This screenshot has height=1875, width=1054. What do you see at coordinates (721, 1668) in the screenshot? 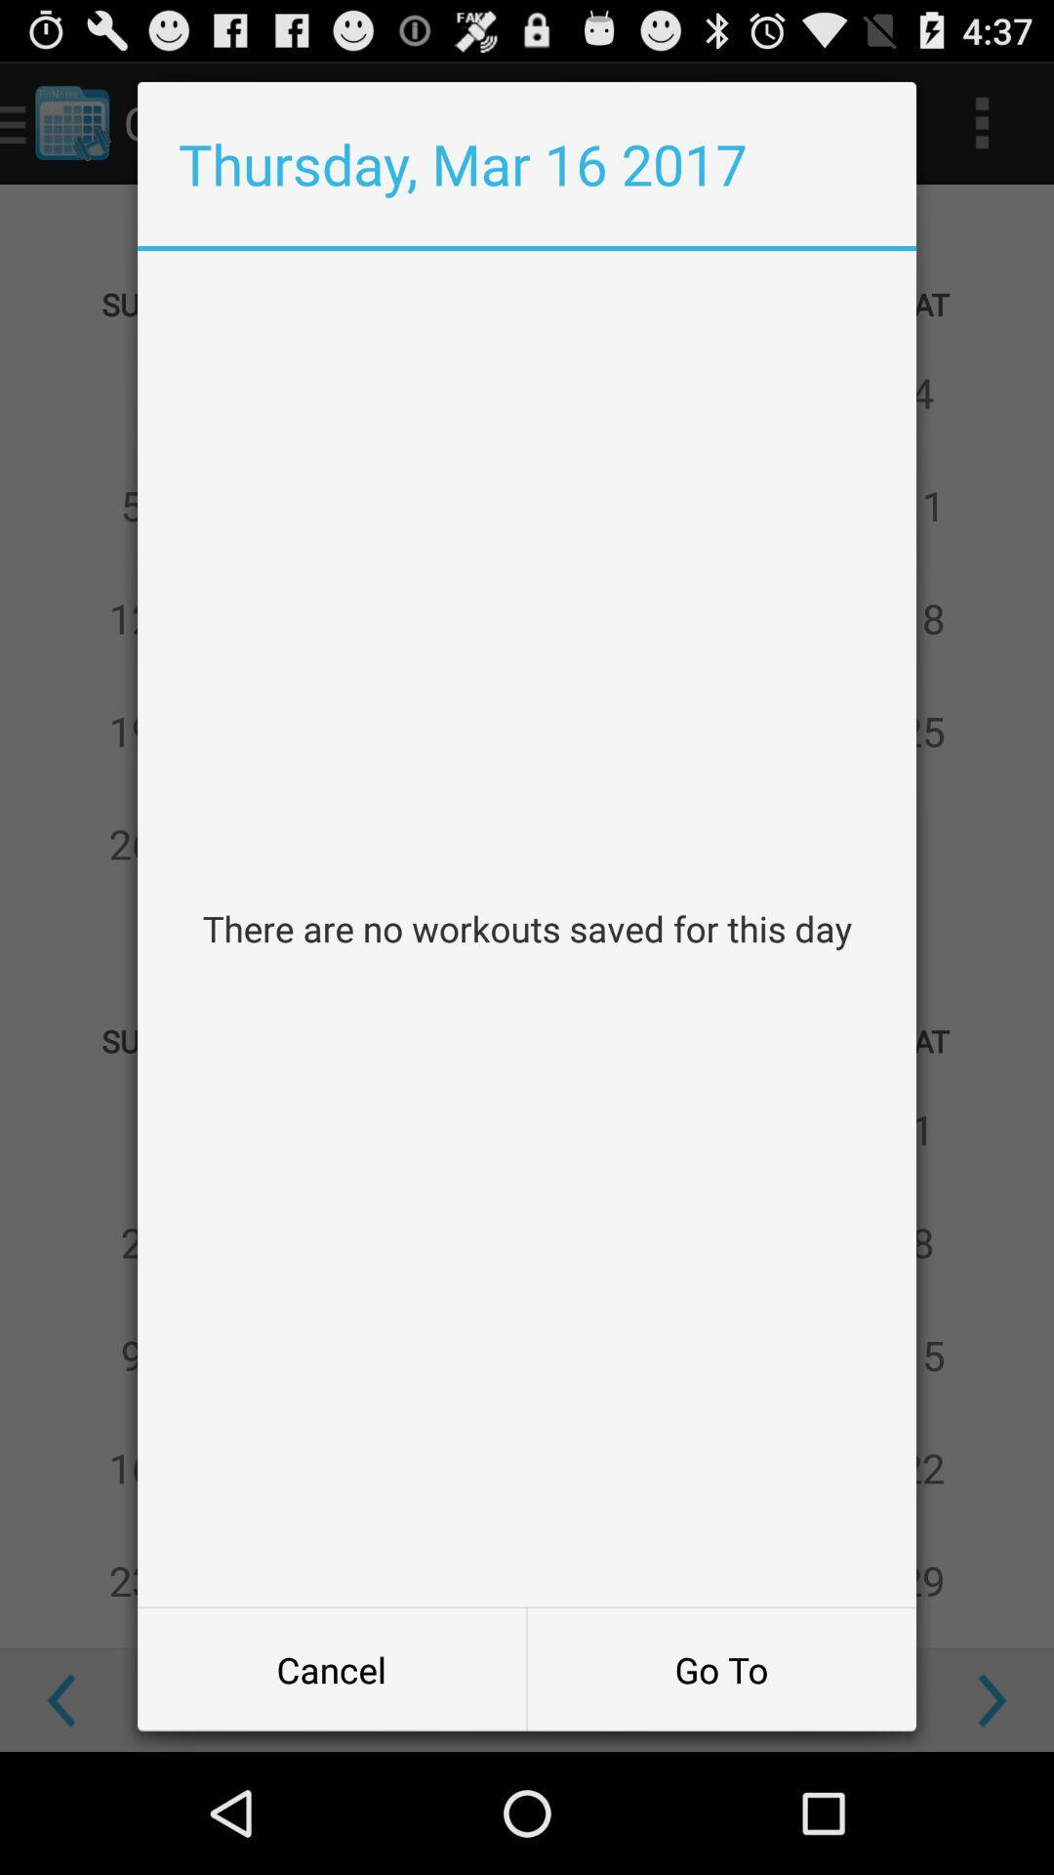
I see `app below the there are no item` at bounding box center [721, 1668].